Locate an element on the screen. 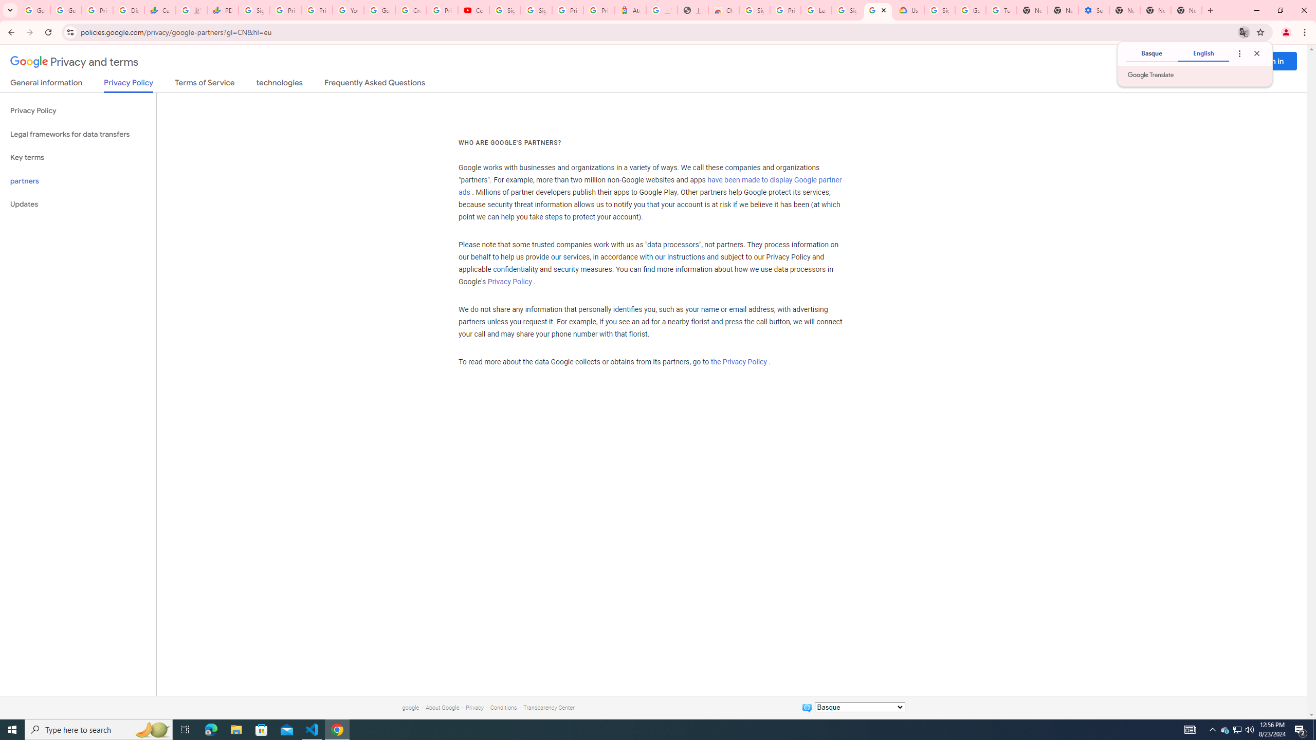 This screenshot has height=740, width=1316. 'Atour Hotel - Google hotels' is located at coordinates (631, 10).